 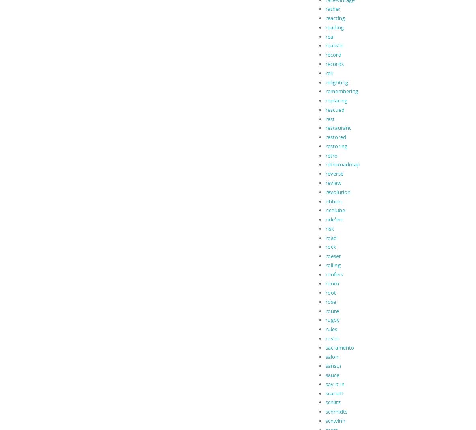 I want to click on 'risk', so click(x=329, y=227).